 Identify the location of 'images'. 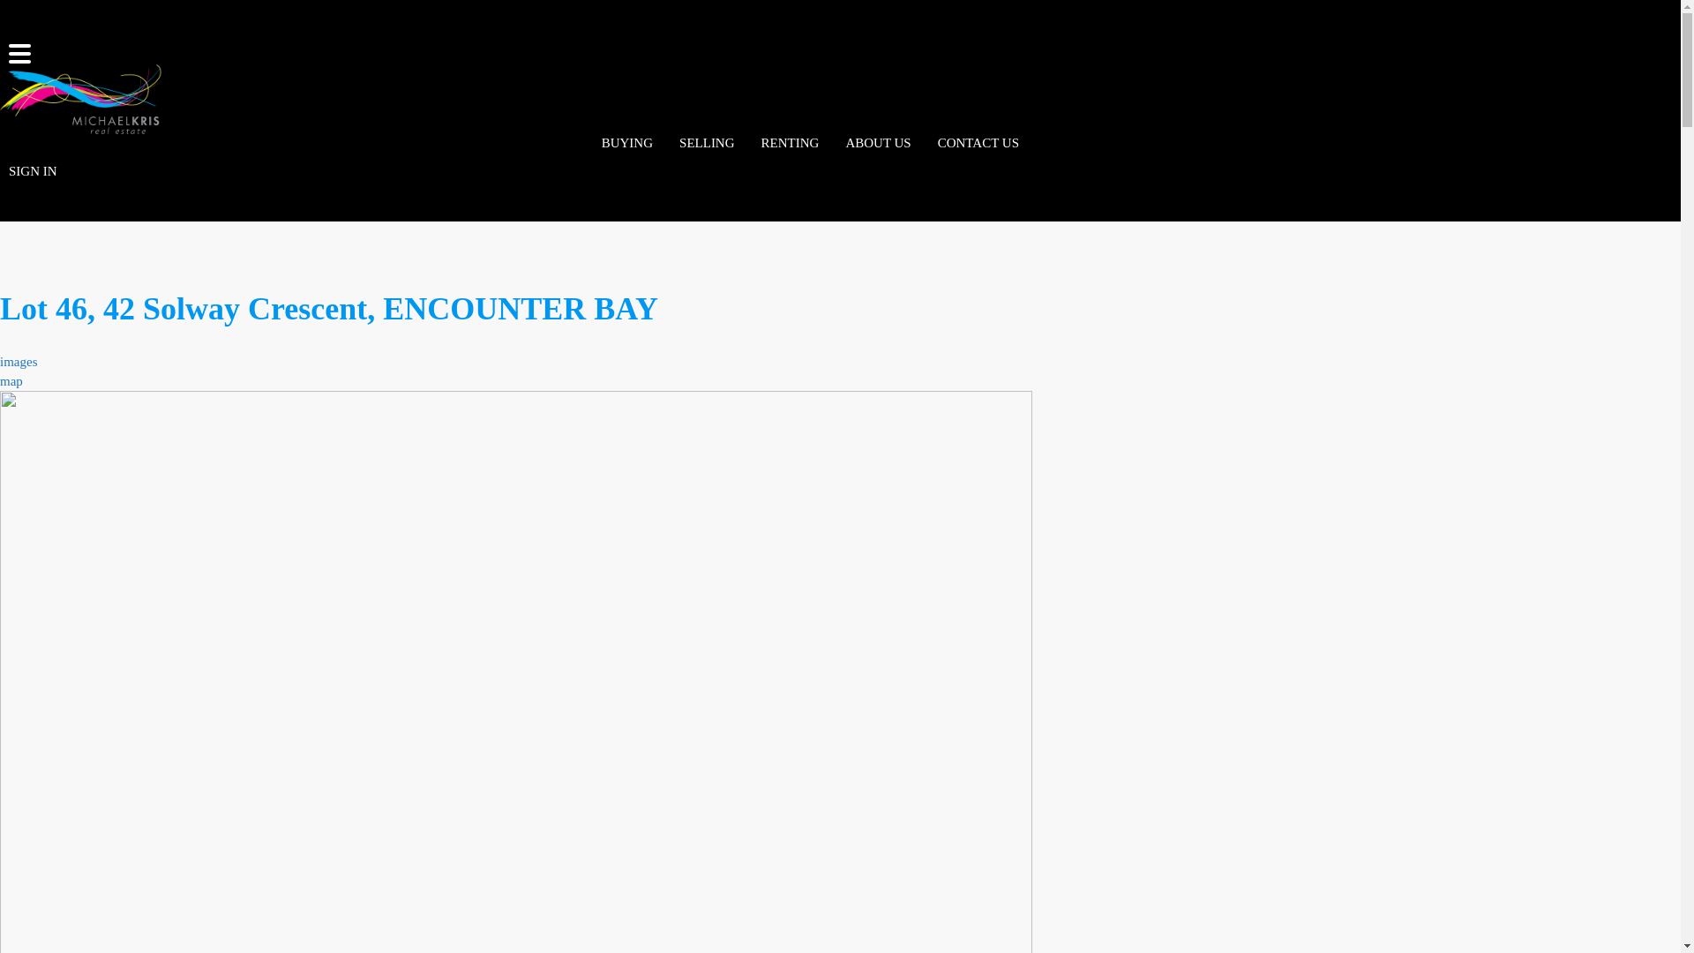
(19, 360).